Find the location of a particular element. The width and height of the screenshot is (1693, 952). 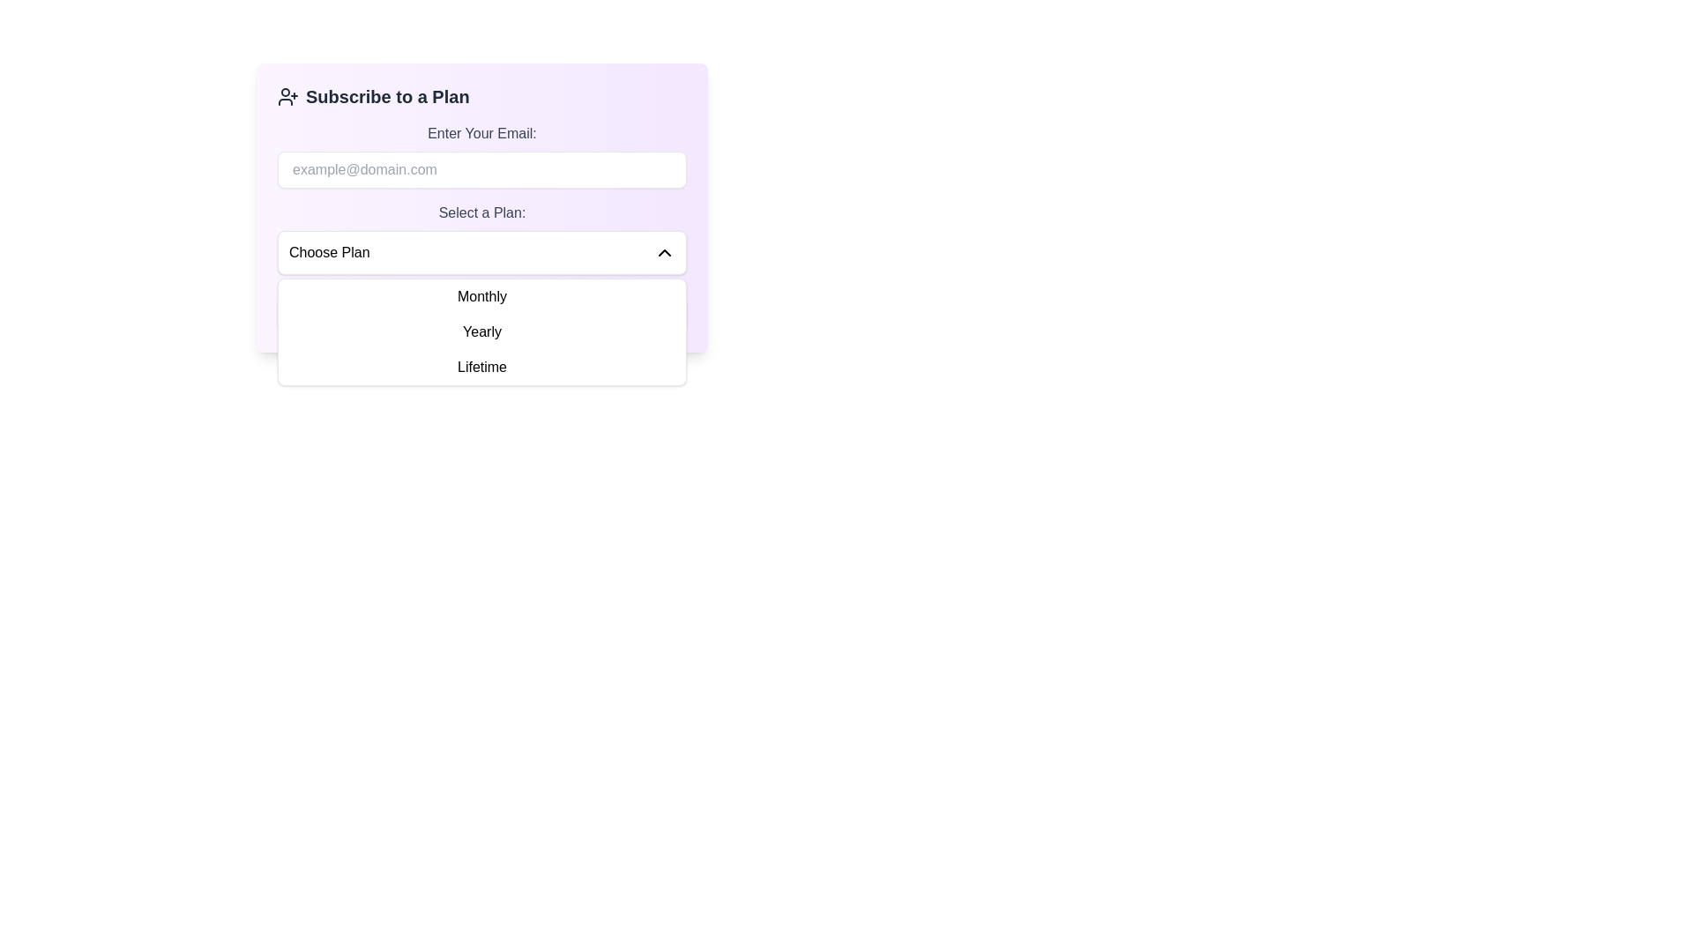

the bold text label that reads 'Subscribe to a Plan', which is positioned in the header section next to an icon is located at coordinates (386, 97).